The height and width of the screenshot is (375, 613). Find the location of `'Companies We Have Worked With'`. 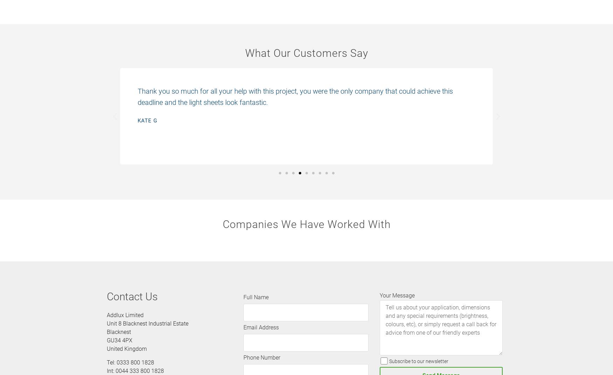

'Companies We Have Worked With' is located at coordinates (306, 224).